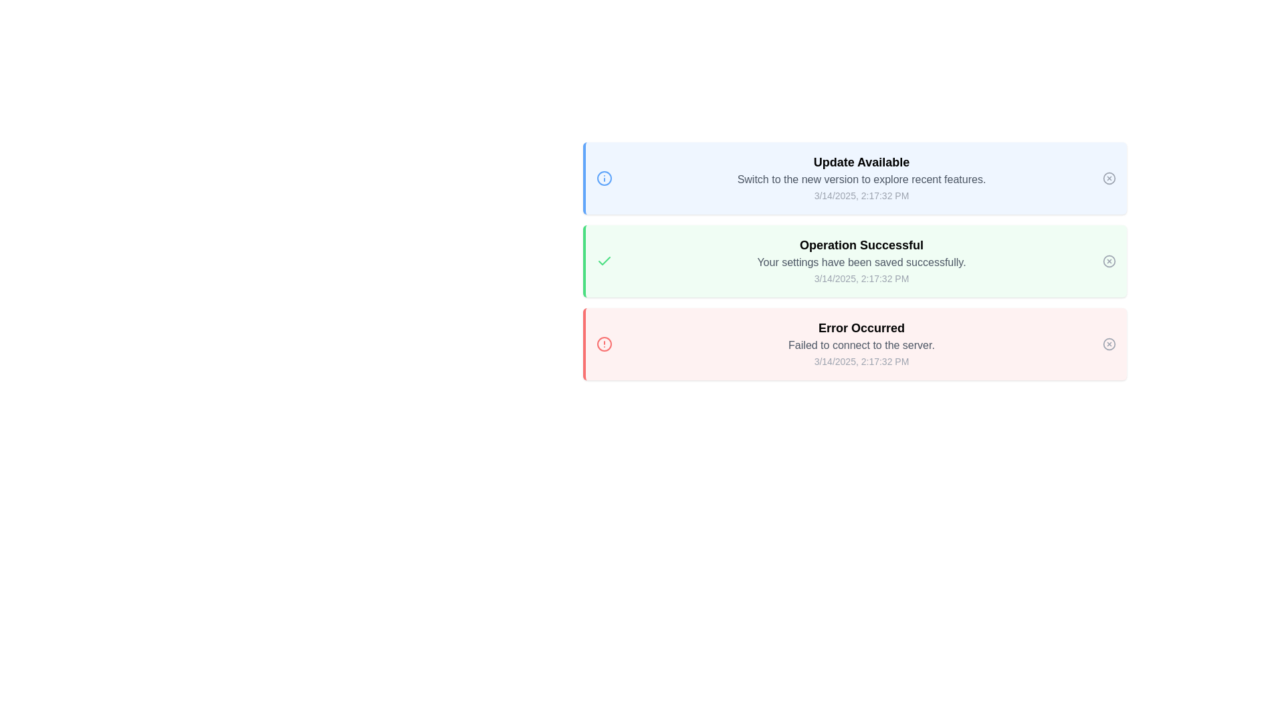 This screenshot has width=1284, height=722. What do you see at coordinates (1109, 261) in the screenshot?
I see `the small circular button with a gray border and a red cross (X) symbol, located in the 'Operation Successful' notification box, for keyboard interaction` at bounding box center [1109, 261].